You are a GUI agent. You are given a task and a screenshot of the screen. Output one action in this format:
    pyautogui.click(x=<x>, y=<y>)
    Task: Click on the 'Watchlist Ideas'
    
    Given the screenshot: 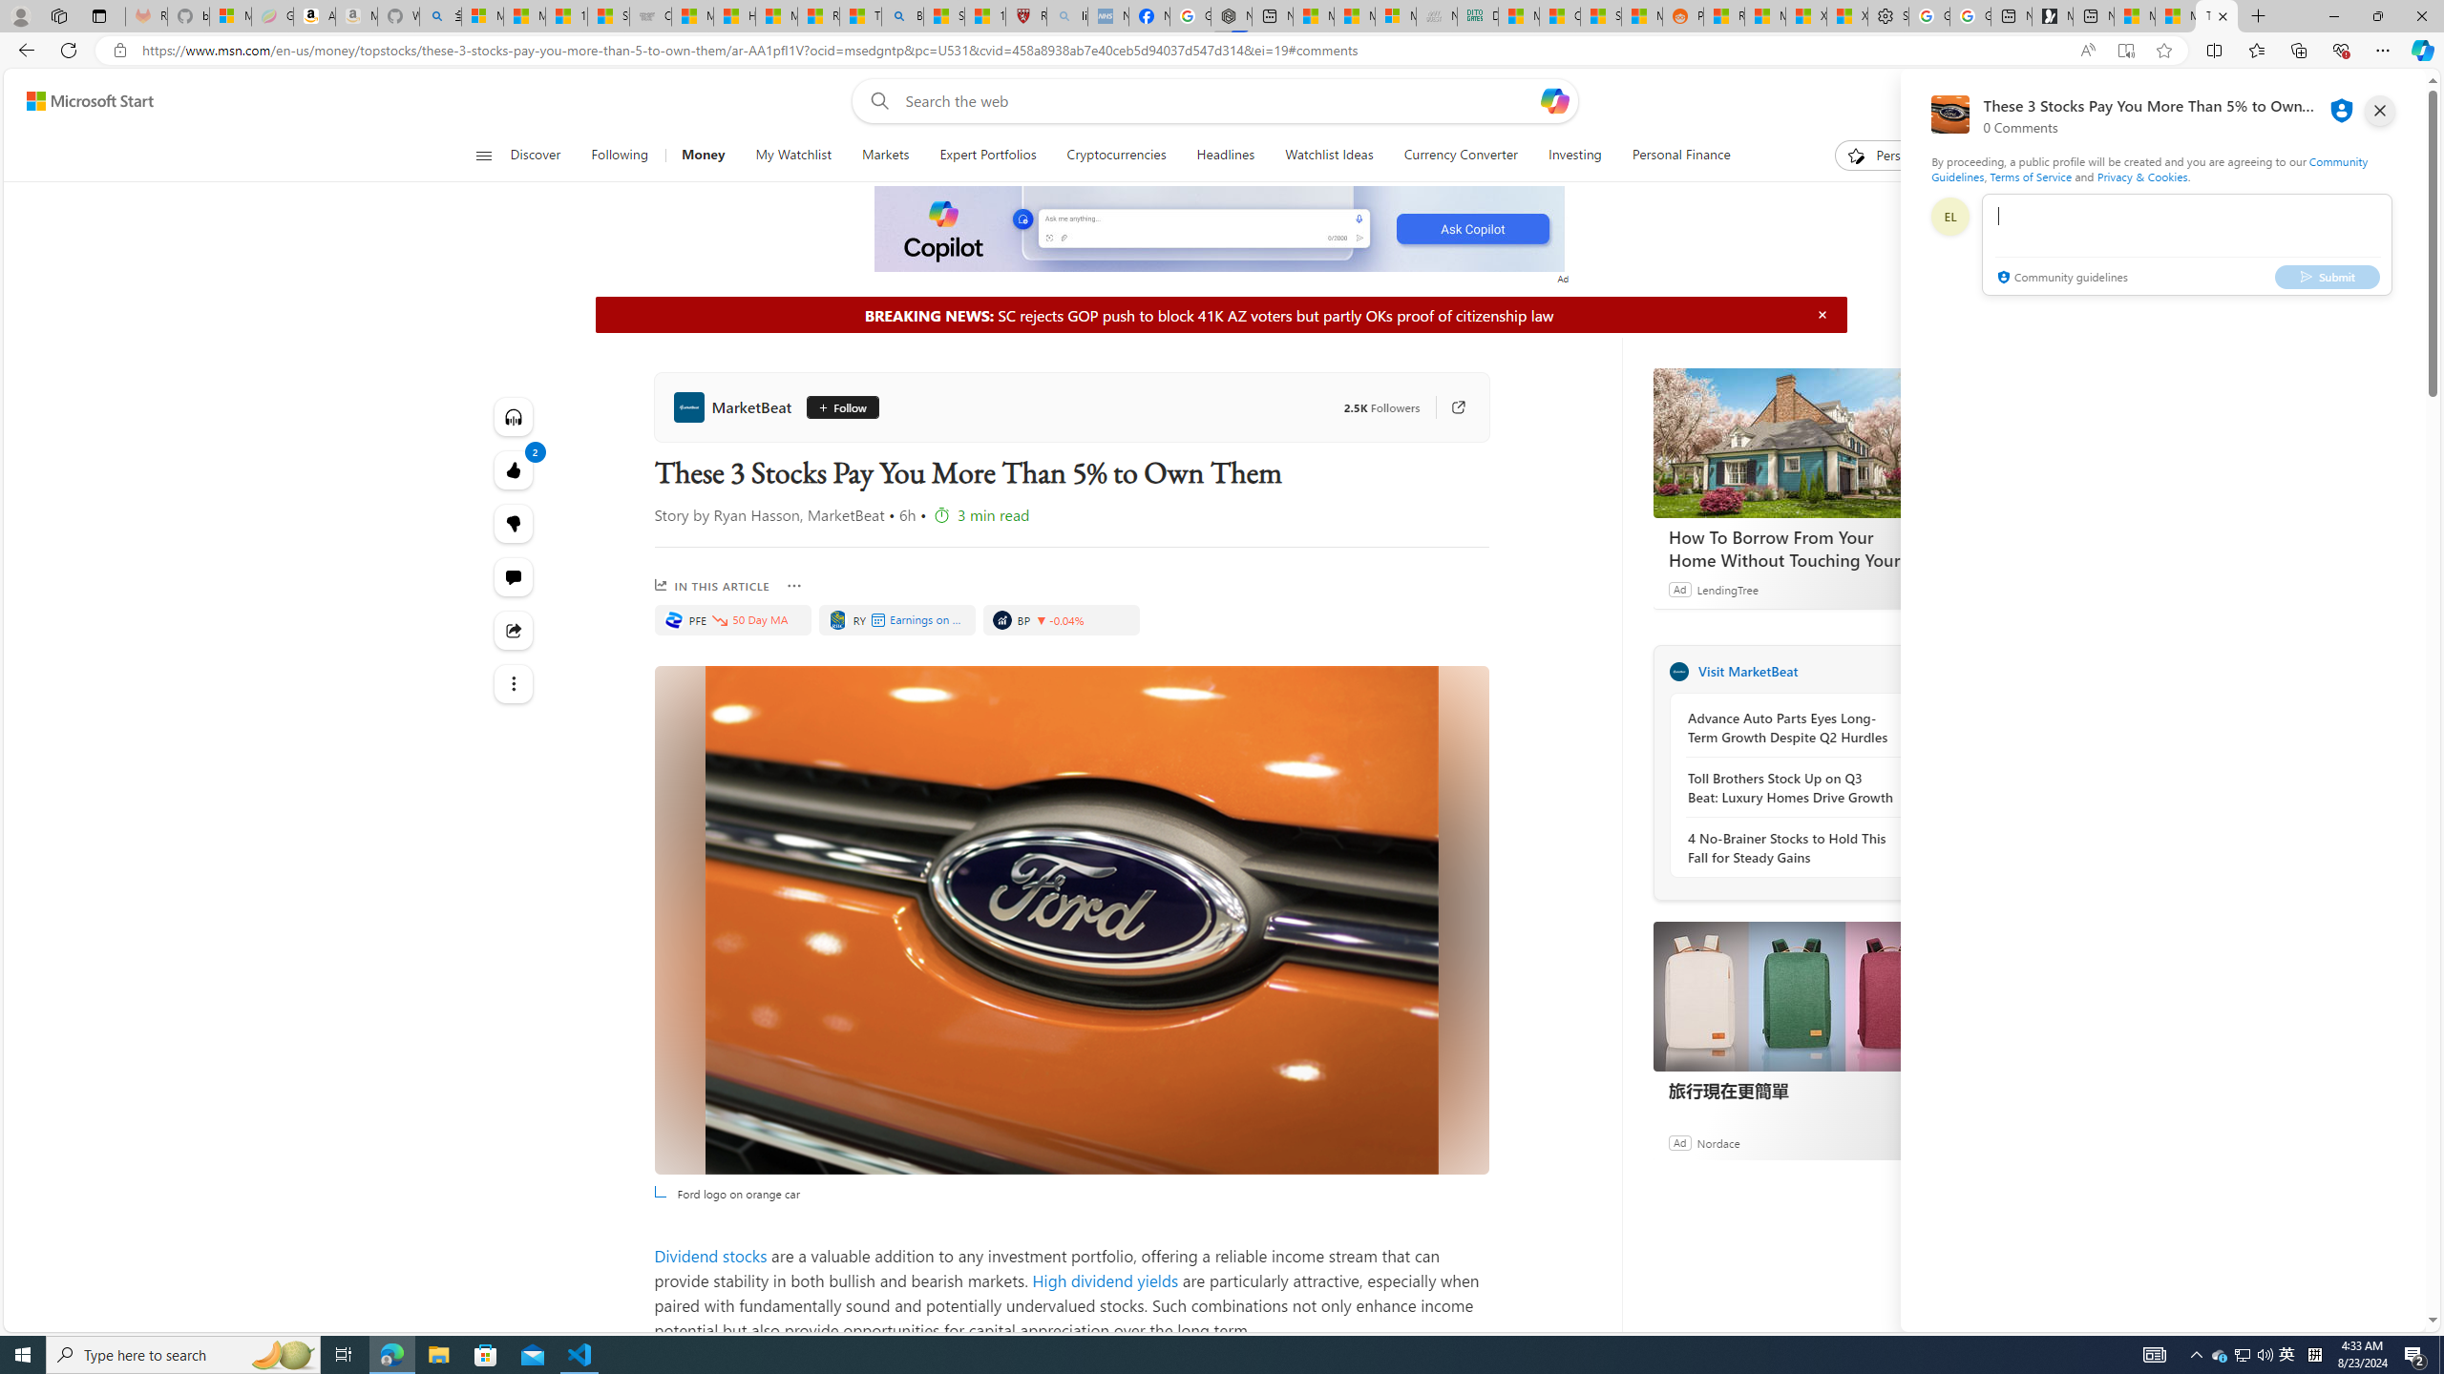 What is the action you would take?
    pyautogui.click(x=1328, y=155)
    